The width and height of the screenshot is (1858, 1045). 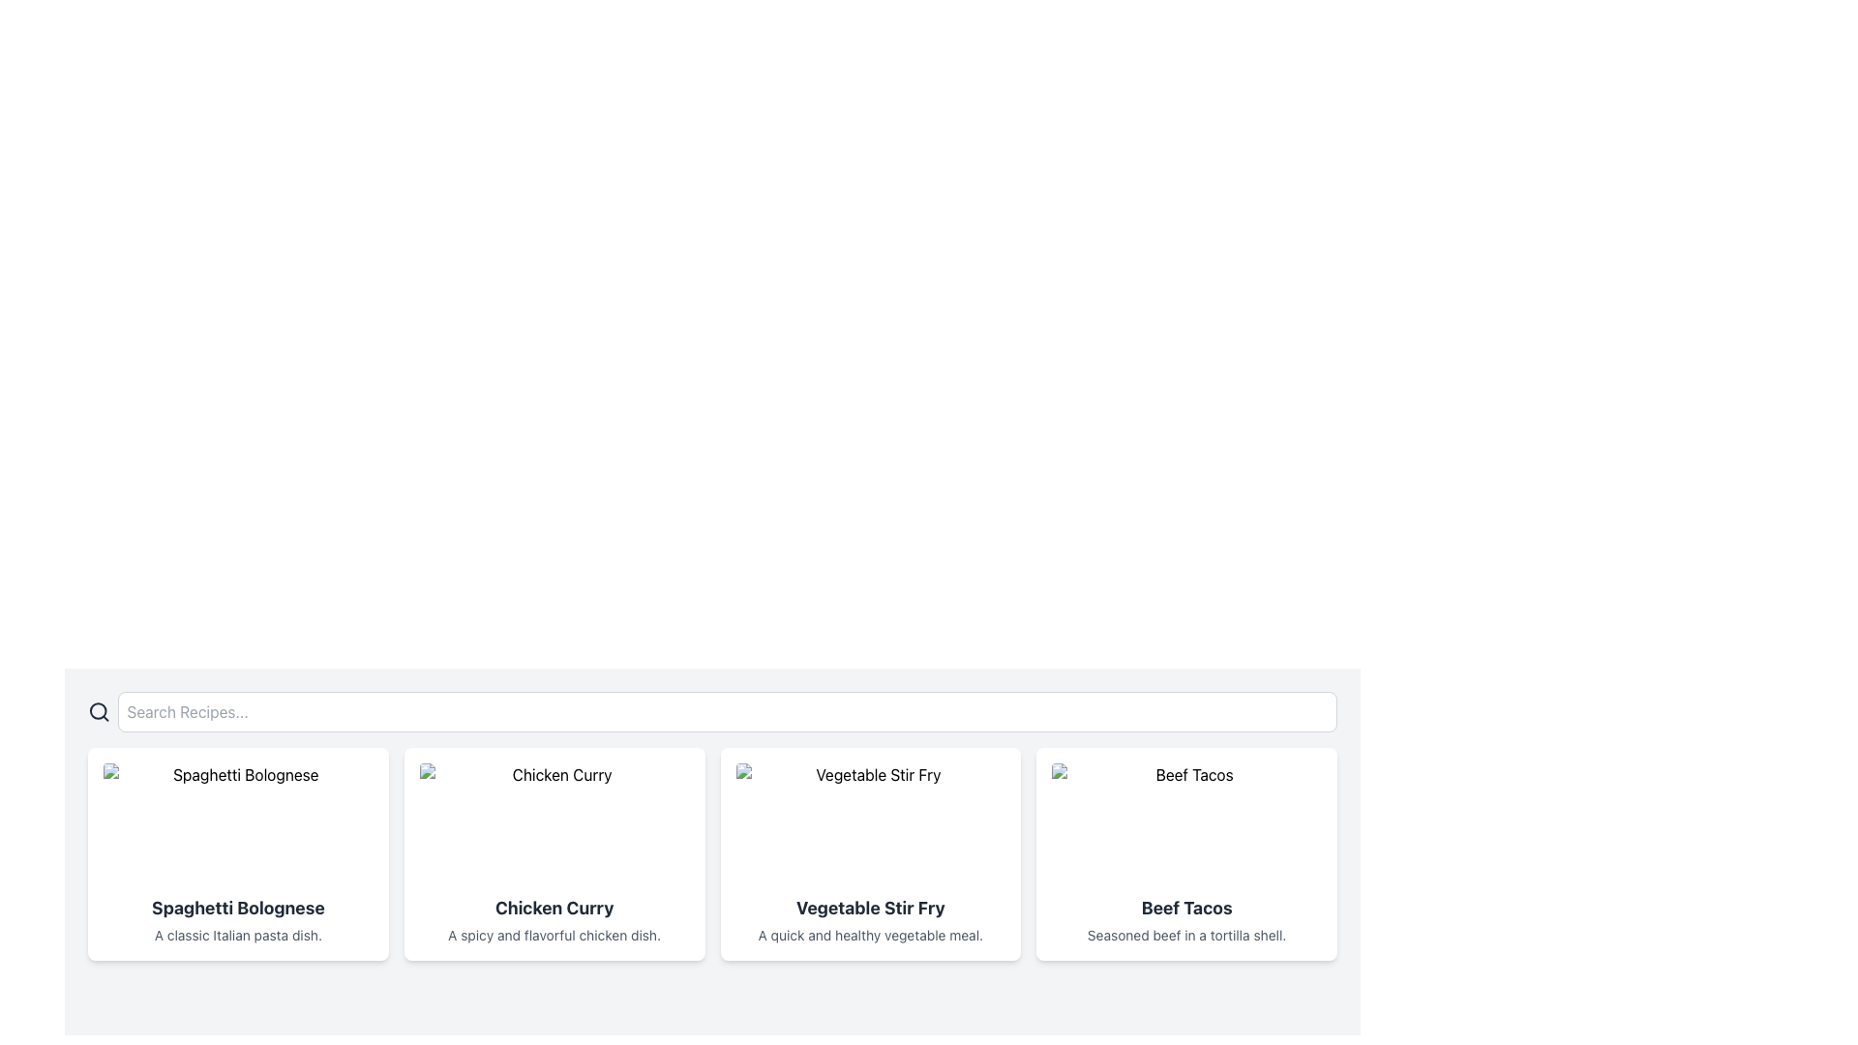 What do you see at coordinates (1185, 824) in the screenshot?
I see `the image representing the 'Beef Tacos' recipe, which is located in the fourth card of a horizontally scrolling recipe browsing interface` at bounding box center [1185, 824].